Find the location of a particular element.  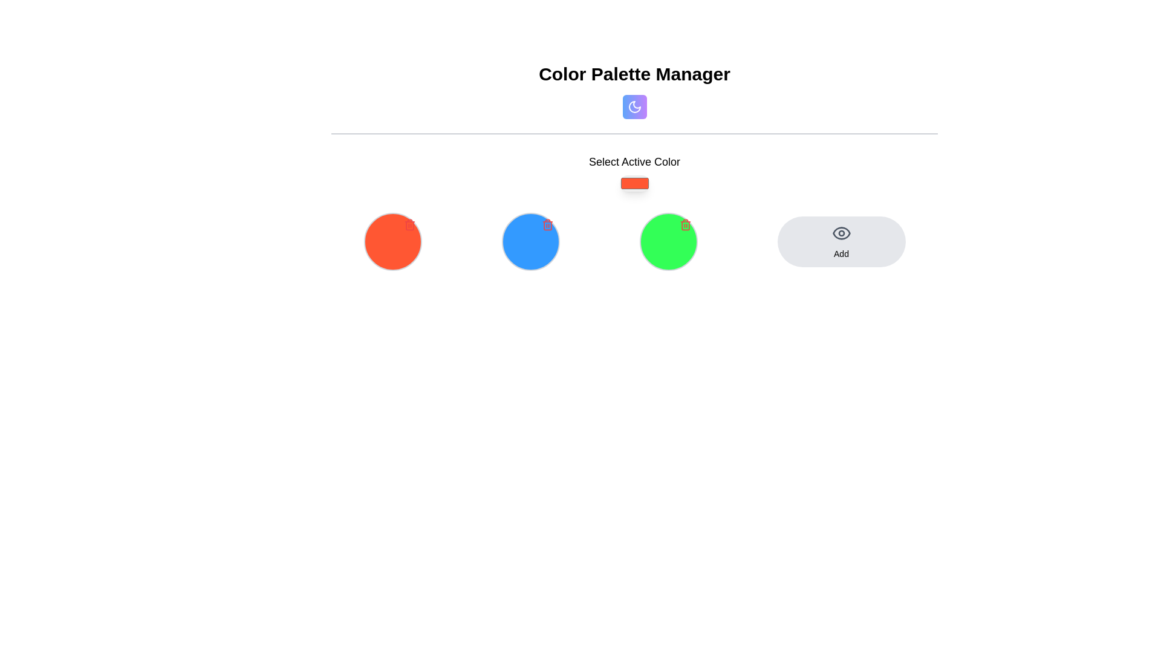

the Eye icon, which is part of the 'Add' button located on the right side of a row of color circles, to trigger the visibility action is located at coordinates (841, 233).